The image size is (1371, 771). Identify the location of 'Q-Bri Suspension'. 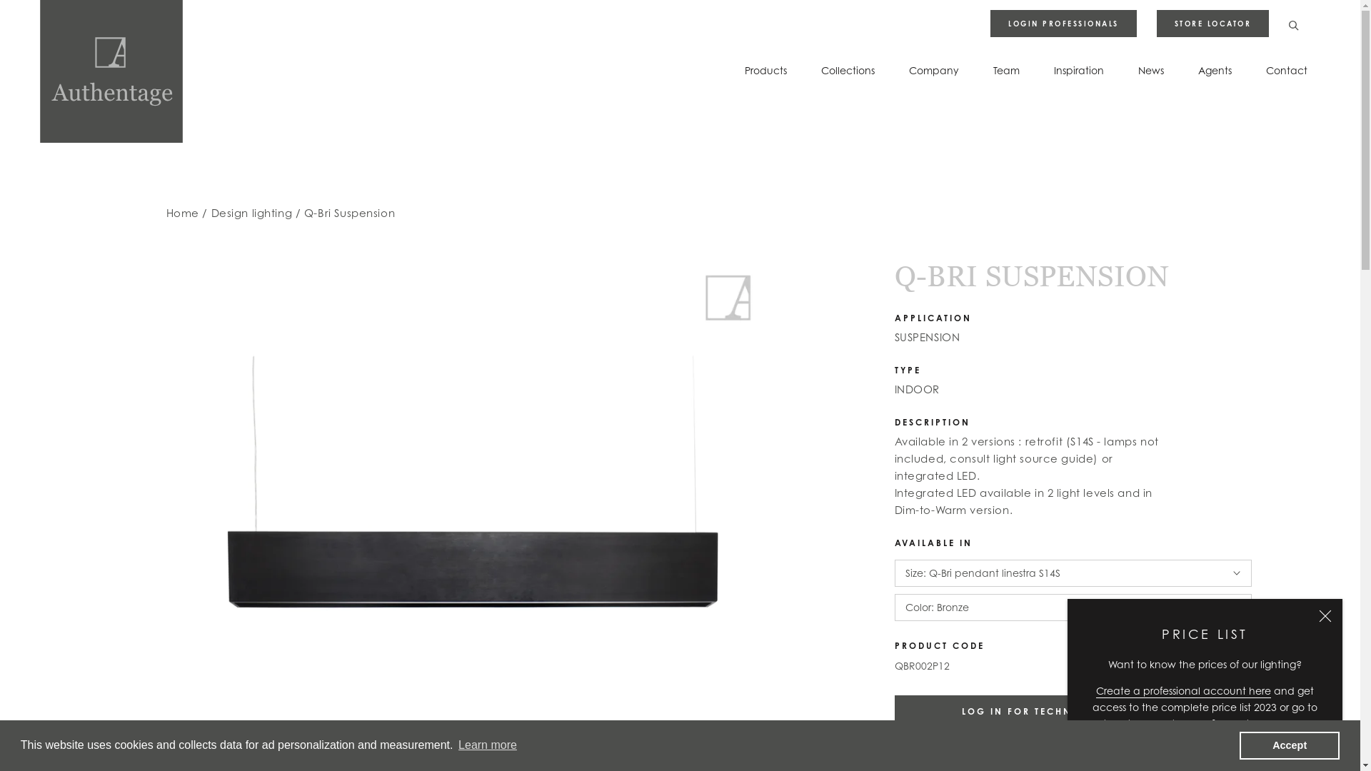
(349, 213).